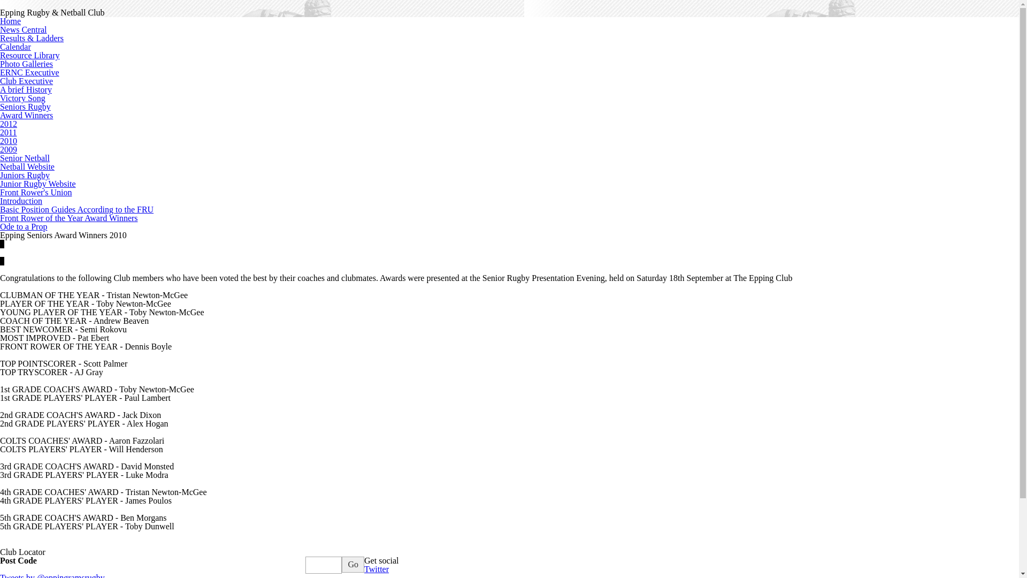 The height and width of the screenshot is (578, 1027). What do you see at coordinates (29, 72) in the screenshot?
I see `'ERNC Executive'` at bounding box center [29, 72].